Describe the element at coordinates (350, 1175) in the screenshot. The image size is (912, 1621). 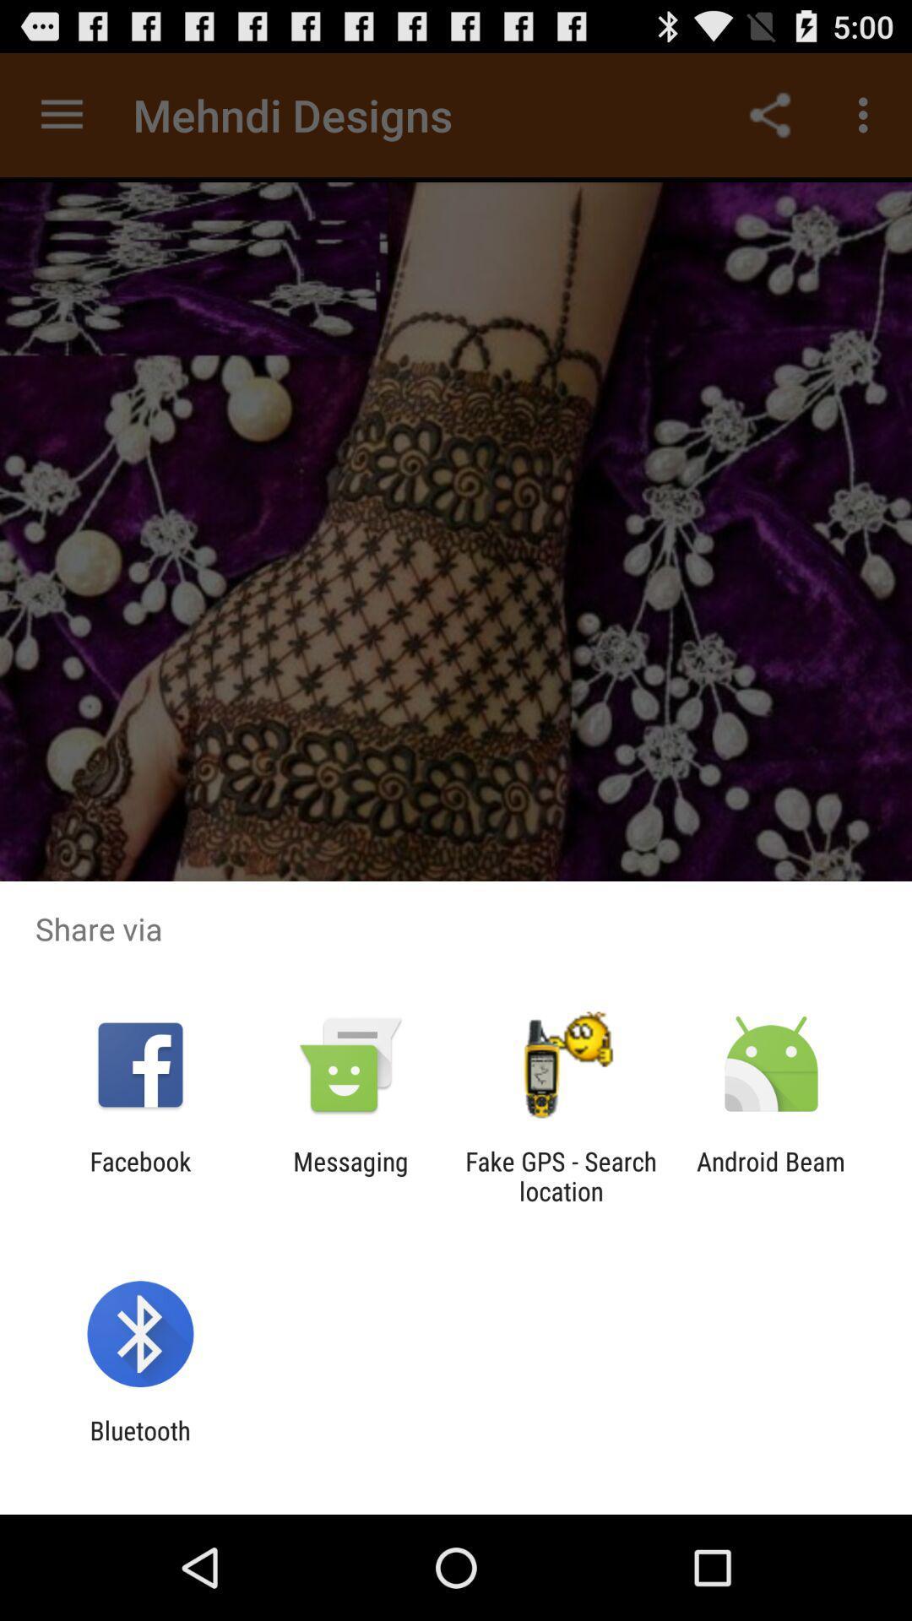
I see `the app next to fake gps search icon` at that location.